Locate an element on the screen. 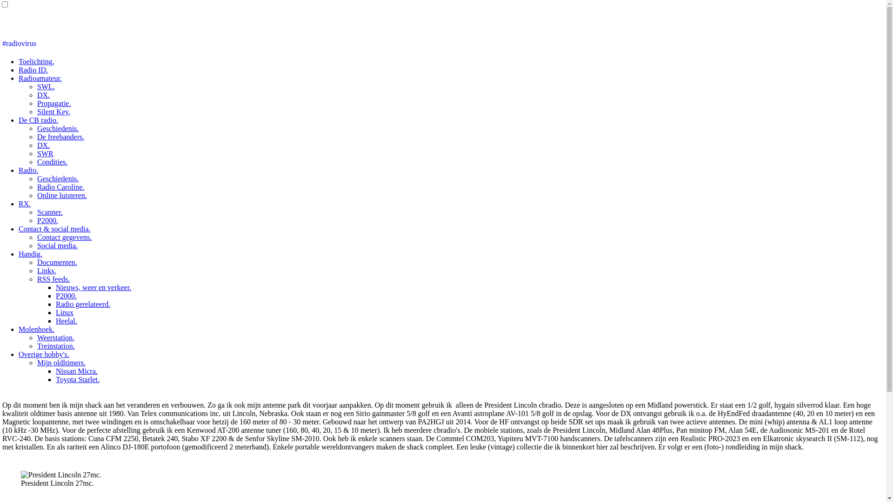 The image size is (893, 502). 'Radioamateur.' is located at coordinates (40, 78).